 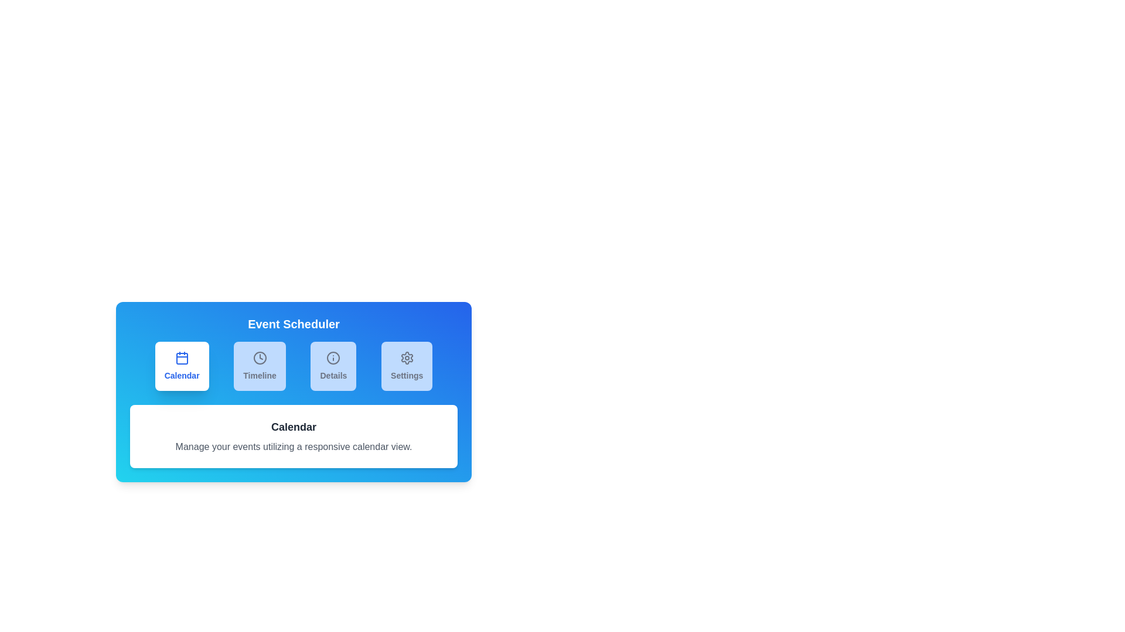 What do you see at coordinates (407, 365) in the screenshot?
I see `the tab labeled Settings` at bounding box center [407, 365].